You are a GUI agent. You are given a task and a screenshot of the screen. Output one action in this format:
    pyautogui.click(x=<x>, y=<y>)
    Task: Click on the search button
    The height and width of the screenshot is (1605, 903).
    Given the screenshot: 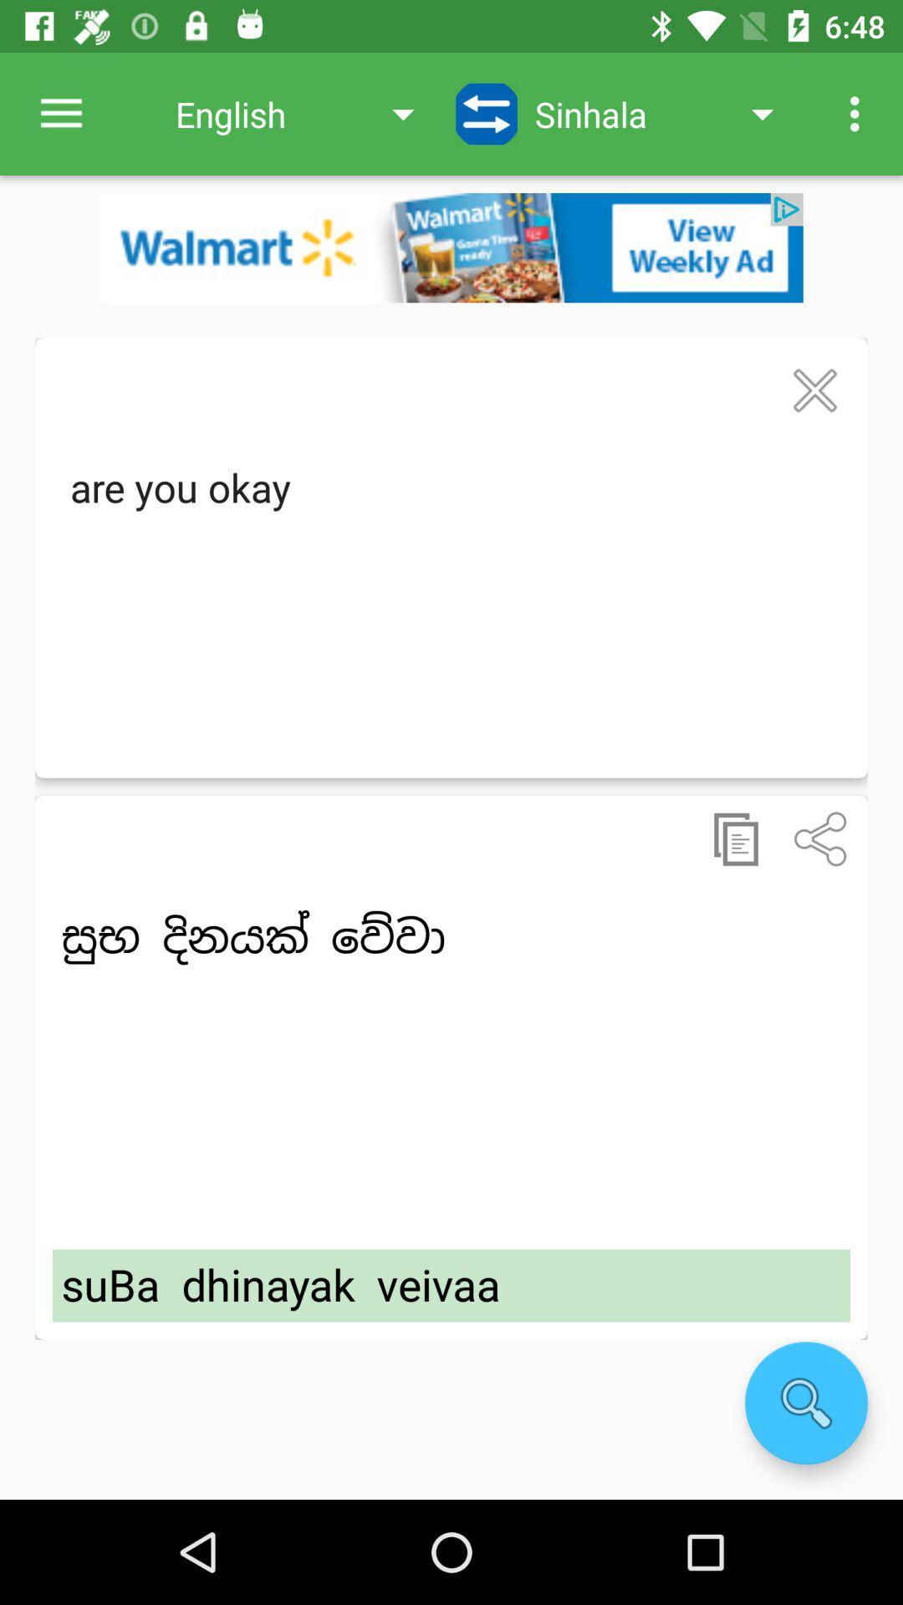 What is the action you would take?
    pyautogui.click(x=805, y=1403)
    